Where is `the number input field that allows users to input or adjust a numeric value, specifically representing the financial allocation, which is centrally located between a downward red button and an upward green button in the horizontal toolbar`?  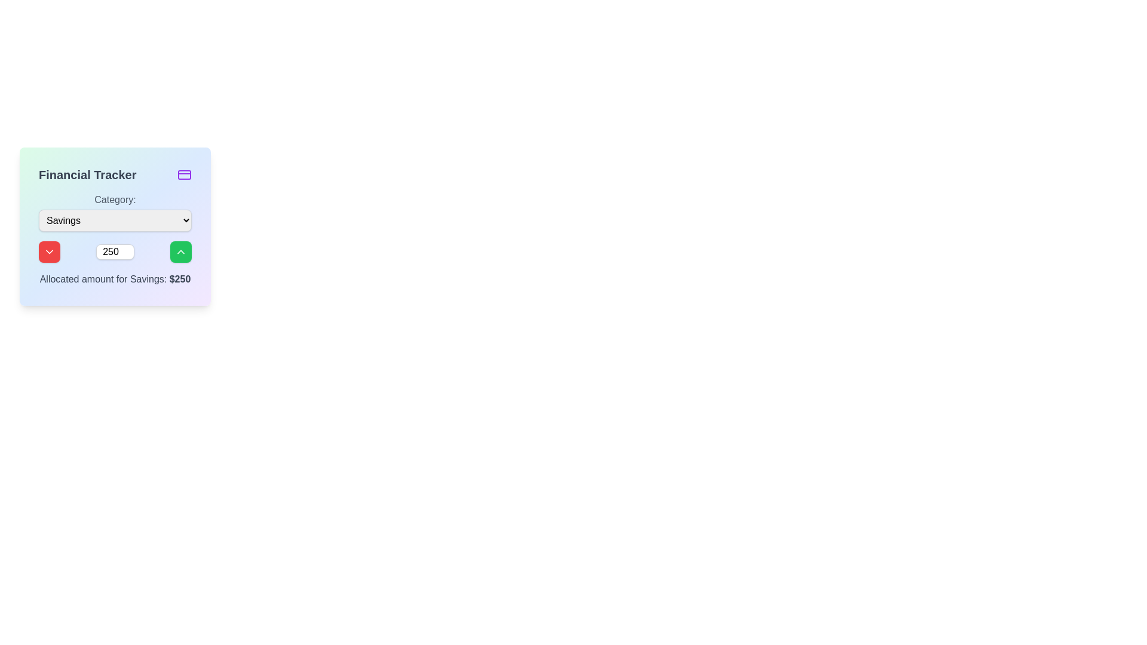 the number input field that allows users to input or adjust a numeric value, specifically representing the financial allocation, which is centrally located between a downward red button and an upward green button in the horizontal toolbar is located at coordinates (115, 251).